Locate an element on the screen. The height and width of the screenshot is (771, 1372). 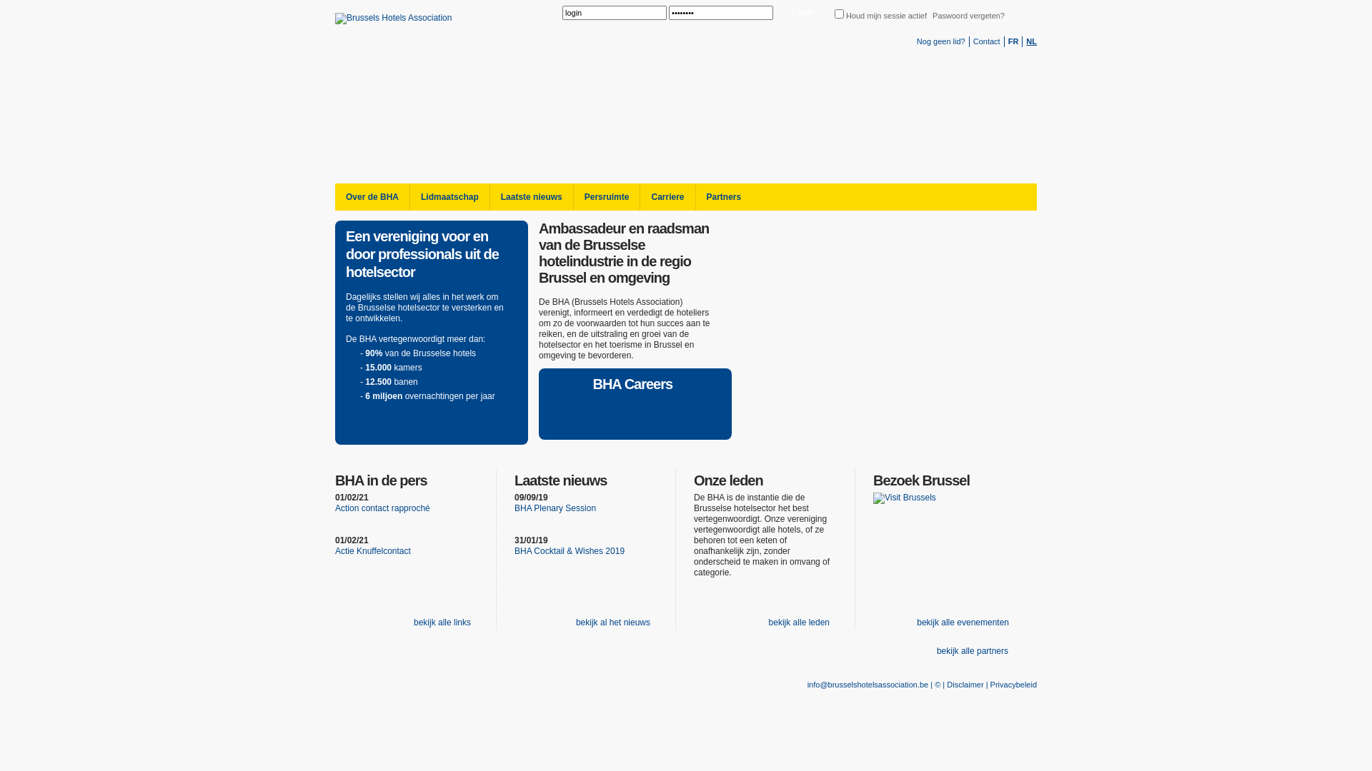
'Over de BHA' is located at coordinates (372, 197).